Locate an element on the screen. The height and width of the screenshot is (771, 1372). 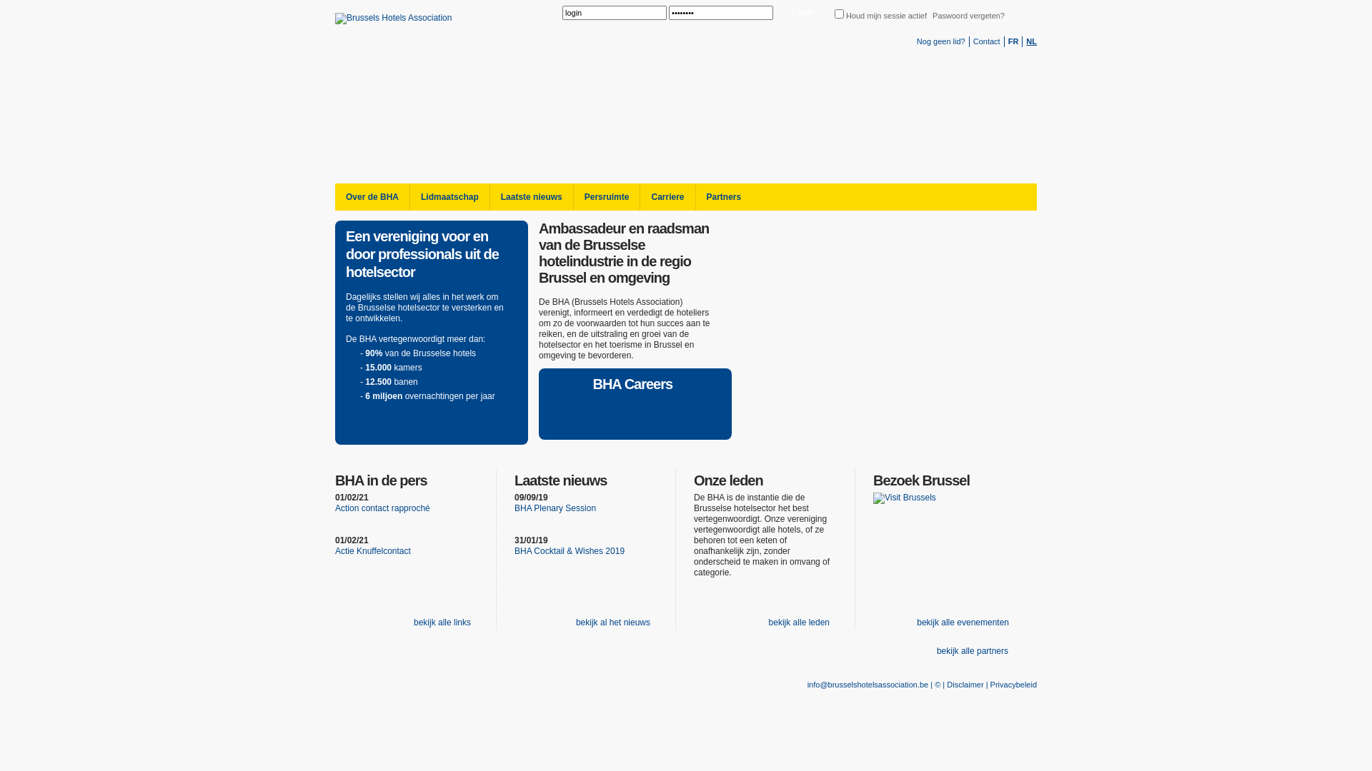
'Over de BHA' is located at coordinates (372, 197).